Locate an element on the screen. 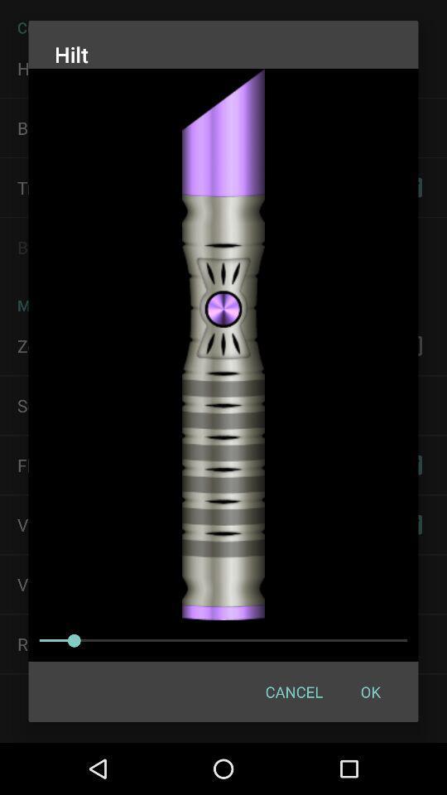  cancel item is located at coordinates (293, 691).